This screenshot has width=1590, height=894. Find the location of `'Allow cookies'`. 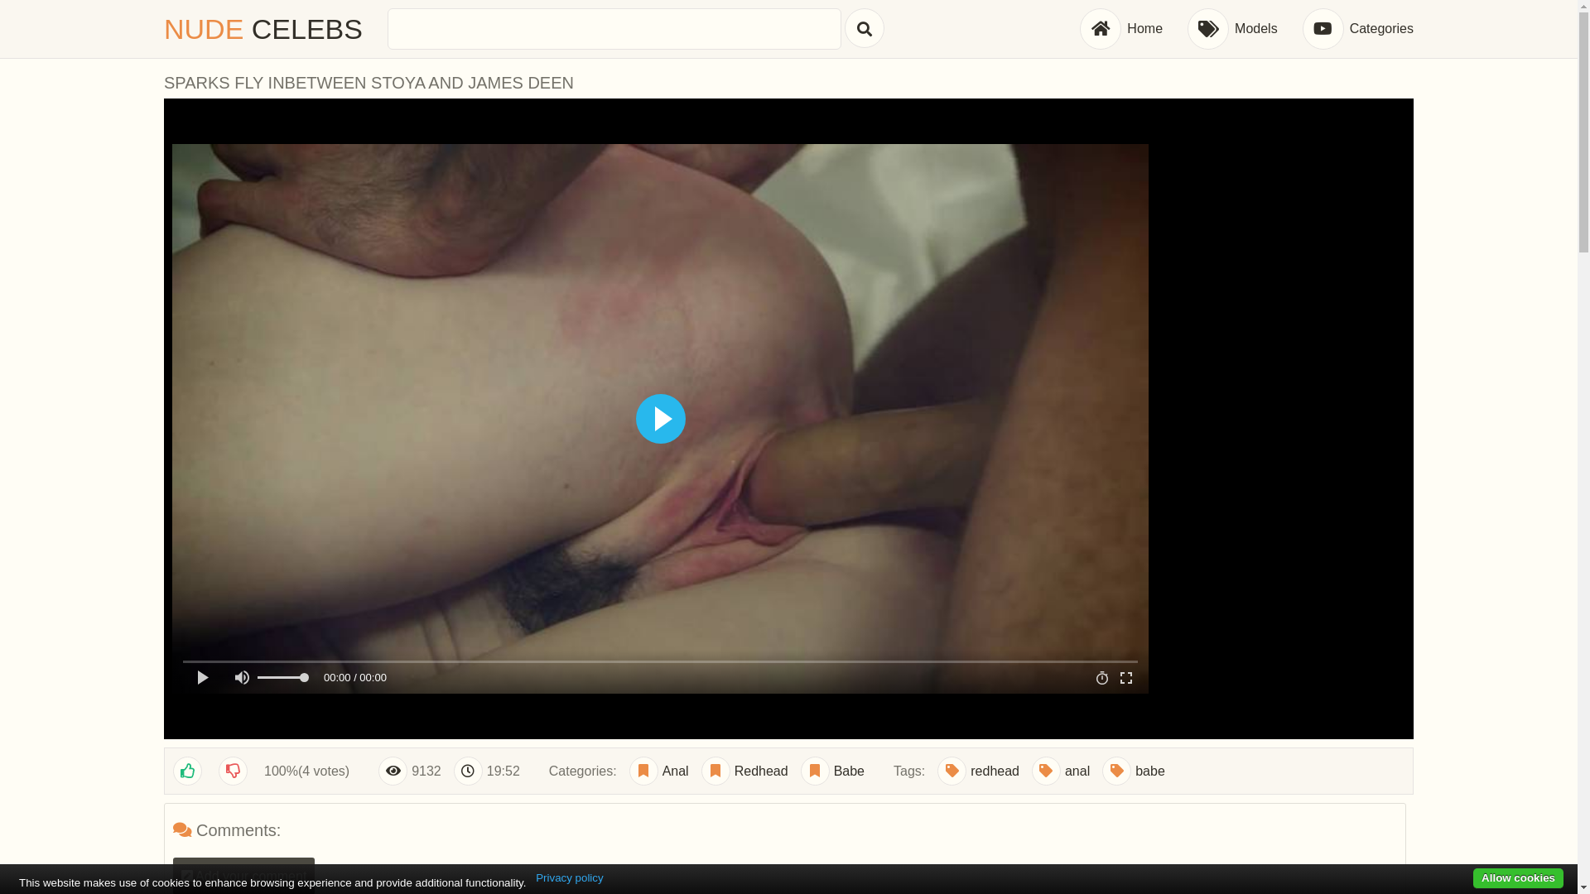

'Allow cookies' is located at coordinates (1518, 877).